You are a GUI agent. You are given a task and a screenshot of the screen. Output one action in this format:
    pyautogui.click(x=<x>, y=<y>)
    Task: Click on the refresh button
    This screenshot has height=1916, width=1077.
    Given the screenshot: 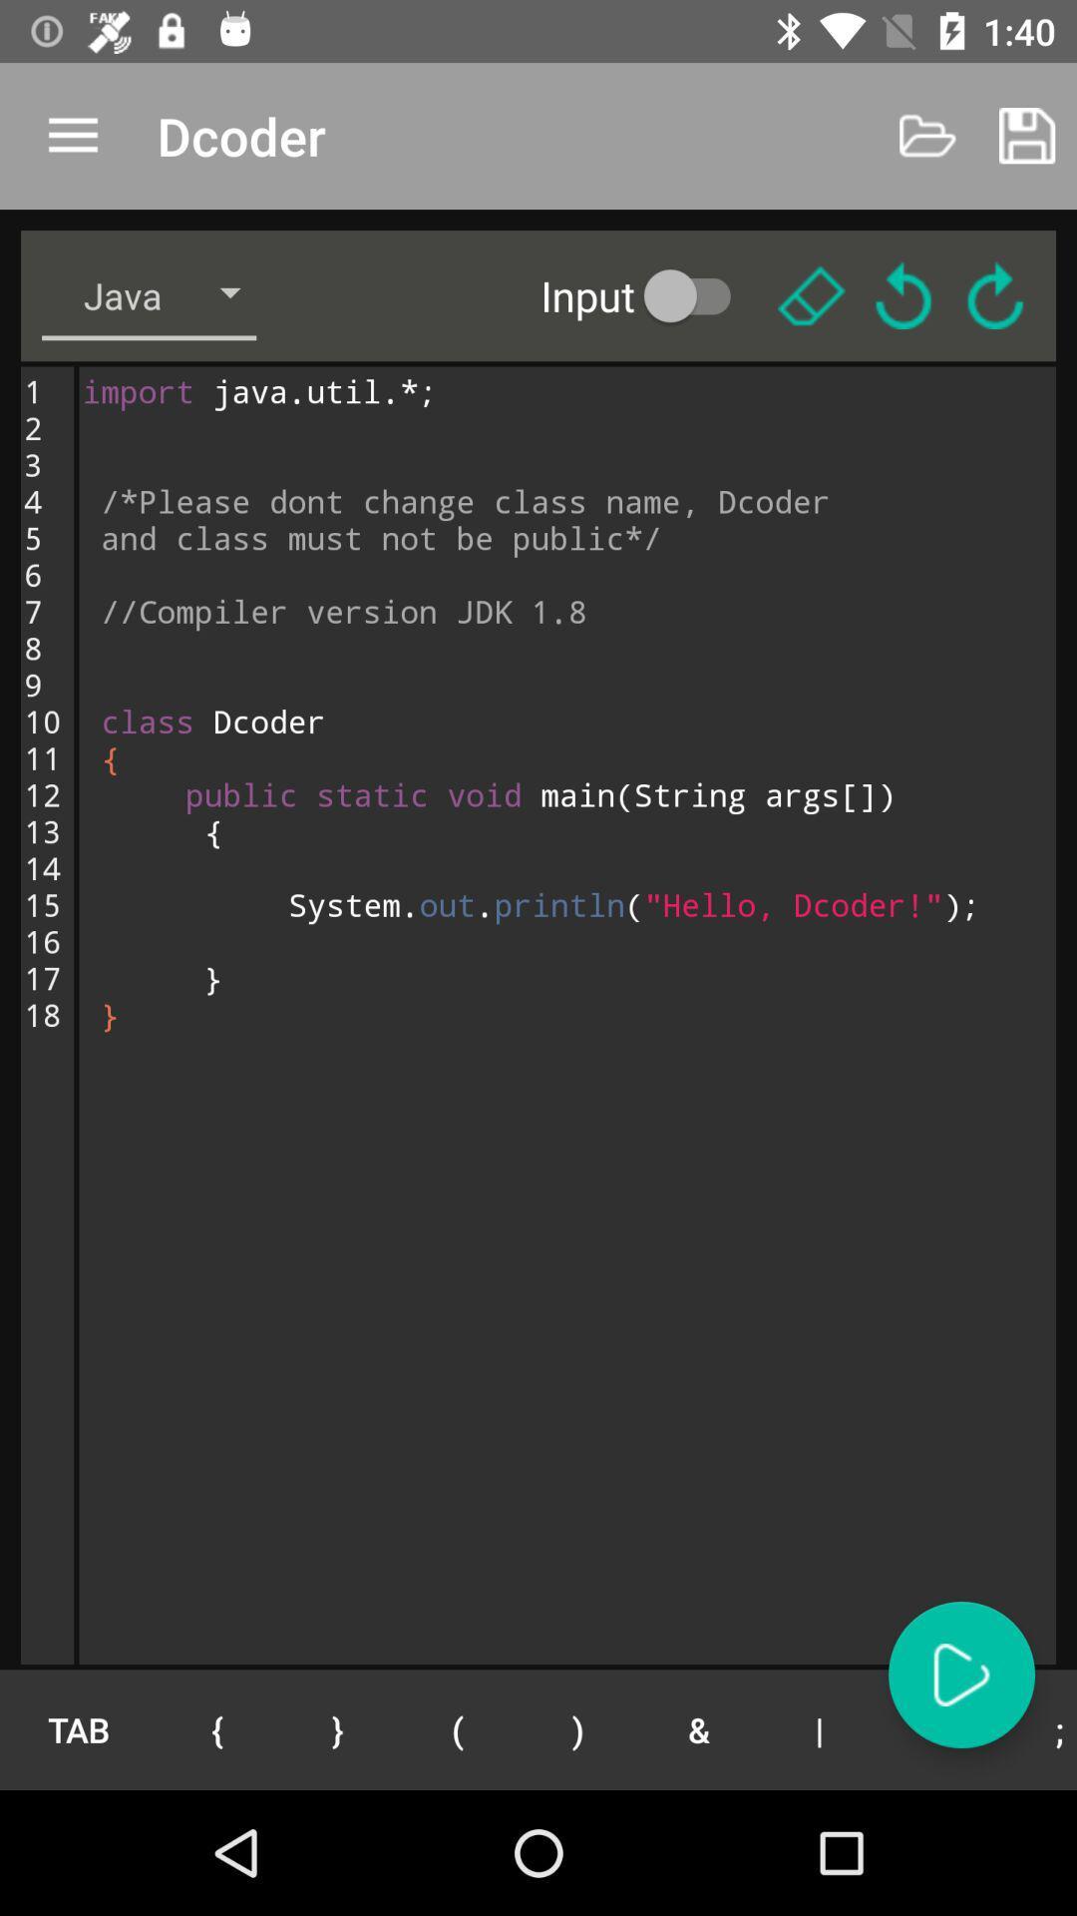 What is the action you would take?
    pyautogui.click(x=995, y=294)
    